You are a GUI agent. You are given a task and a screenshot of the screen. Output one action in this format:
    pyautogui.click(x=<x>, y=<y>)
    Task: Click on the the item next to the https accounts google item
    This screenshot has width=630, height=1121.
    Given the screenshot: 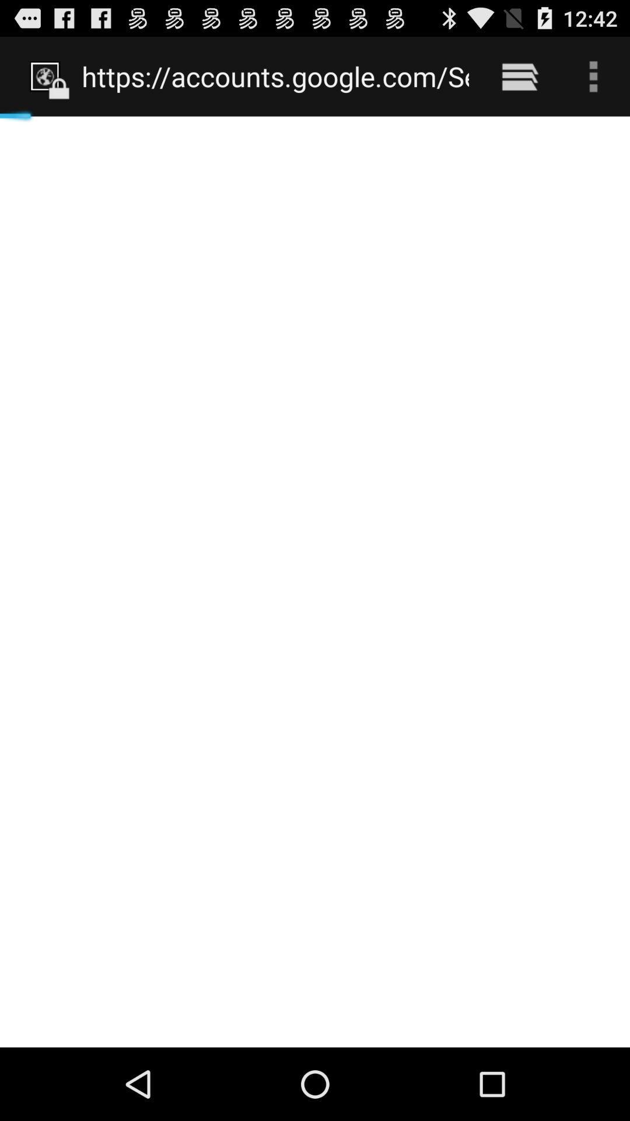 What is the action you would take?
    pyautogui.click(x=519, y=76)
    